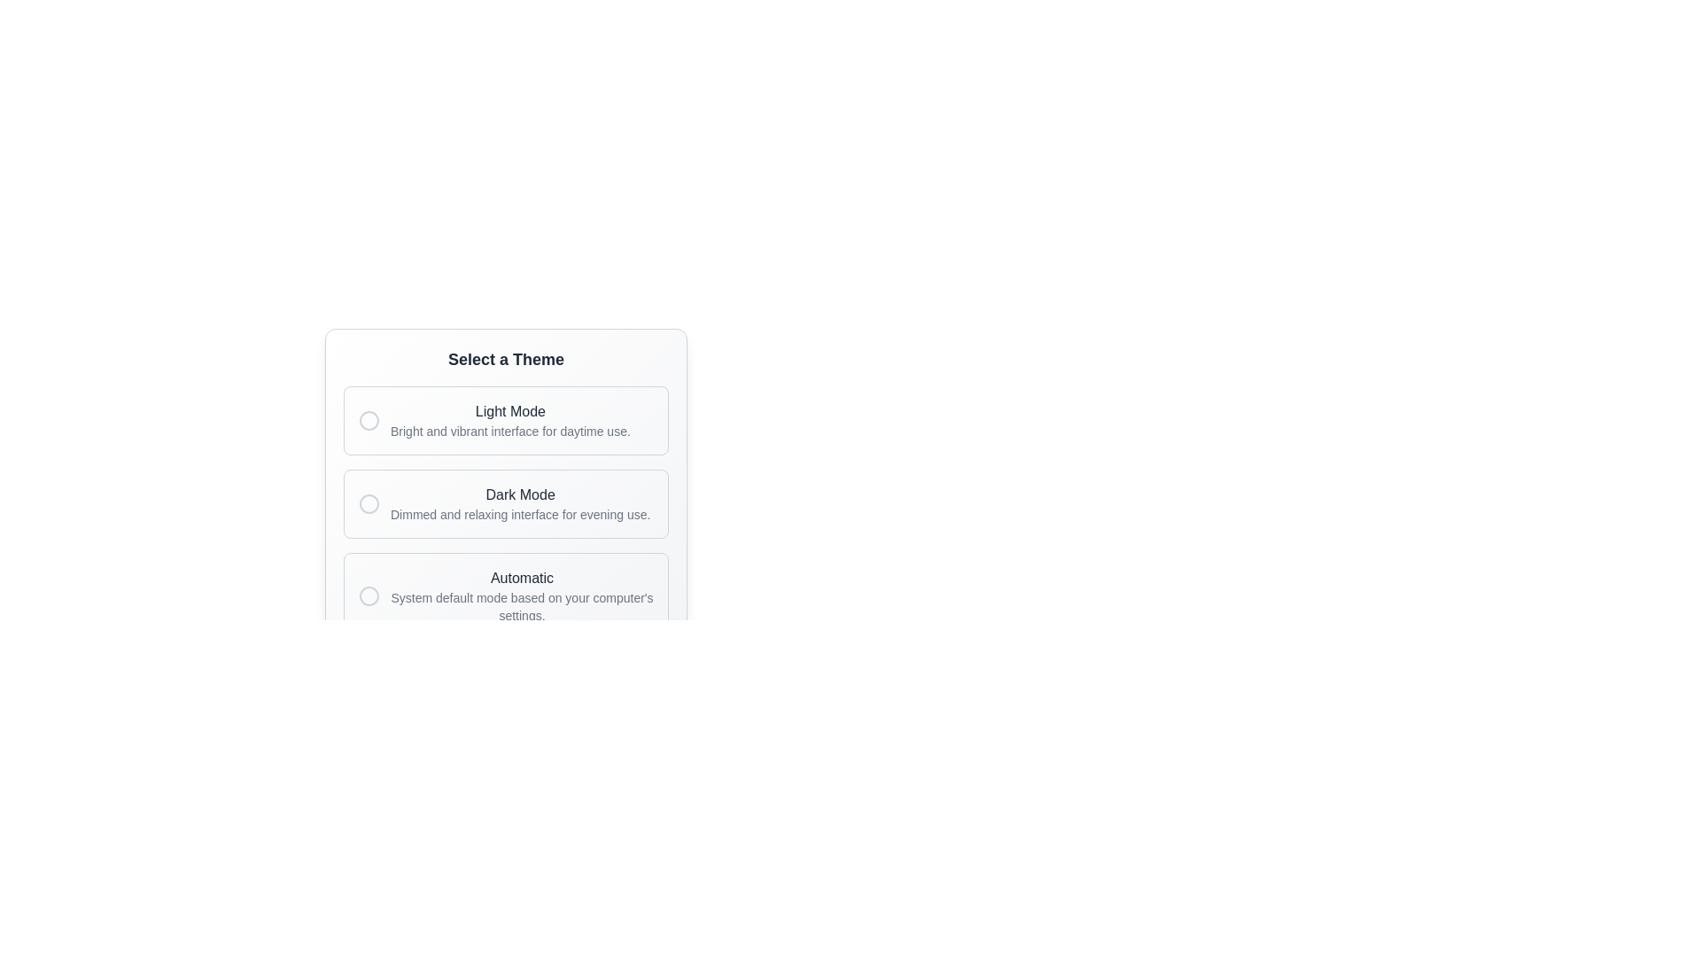 The image size is (1701, 957). I want to click on to select the 'Dark Mode' option from the second item in the vertically arranged list within the 'Select a Theme' box, so click(505, 504).